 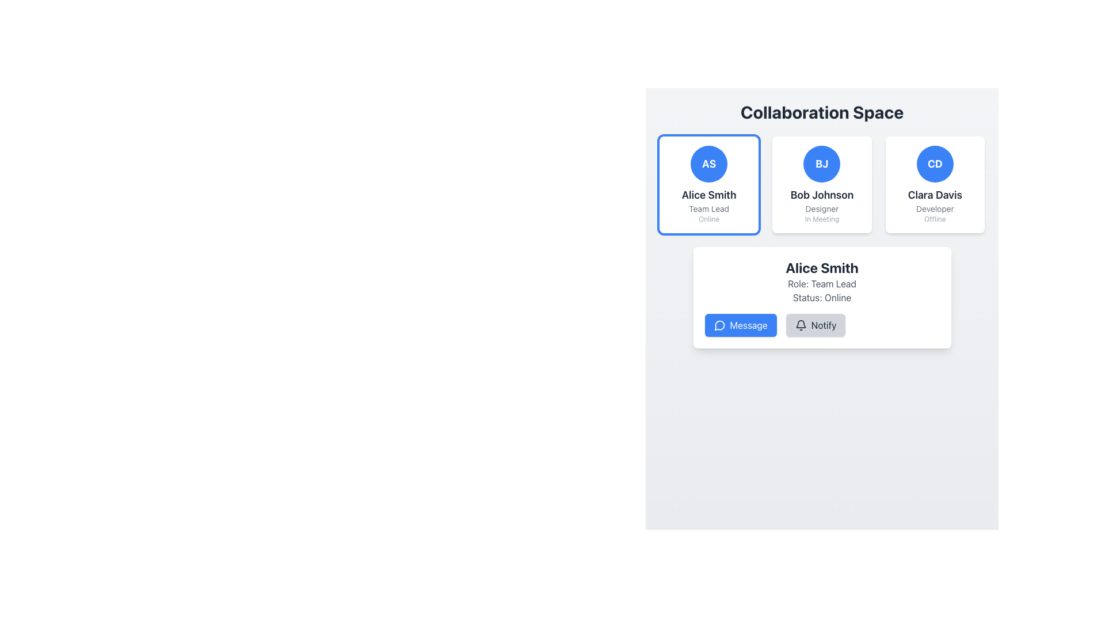 I want to click on the label displaying 'Bob Johnson', which is centrally aligned below the blue circular avatar labeled 'BJ' and above the descriptive text 'Designer', so click(x=821, y=195).